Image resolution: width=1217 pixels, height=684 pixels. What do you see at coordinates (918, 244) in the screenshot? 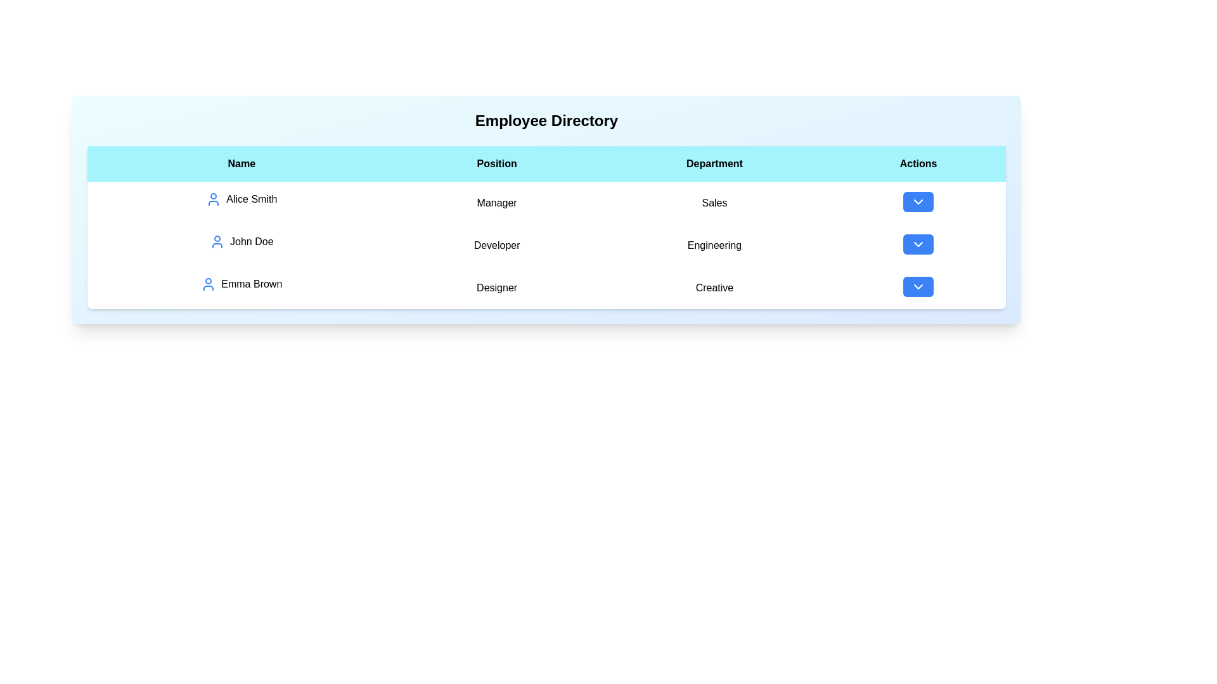
I see `the Dropdown toggle button located in the 'Actions' column of the second row, aligned with the 'Engineering' entry` at bounding box center [918, 244].